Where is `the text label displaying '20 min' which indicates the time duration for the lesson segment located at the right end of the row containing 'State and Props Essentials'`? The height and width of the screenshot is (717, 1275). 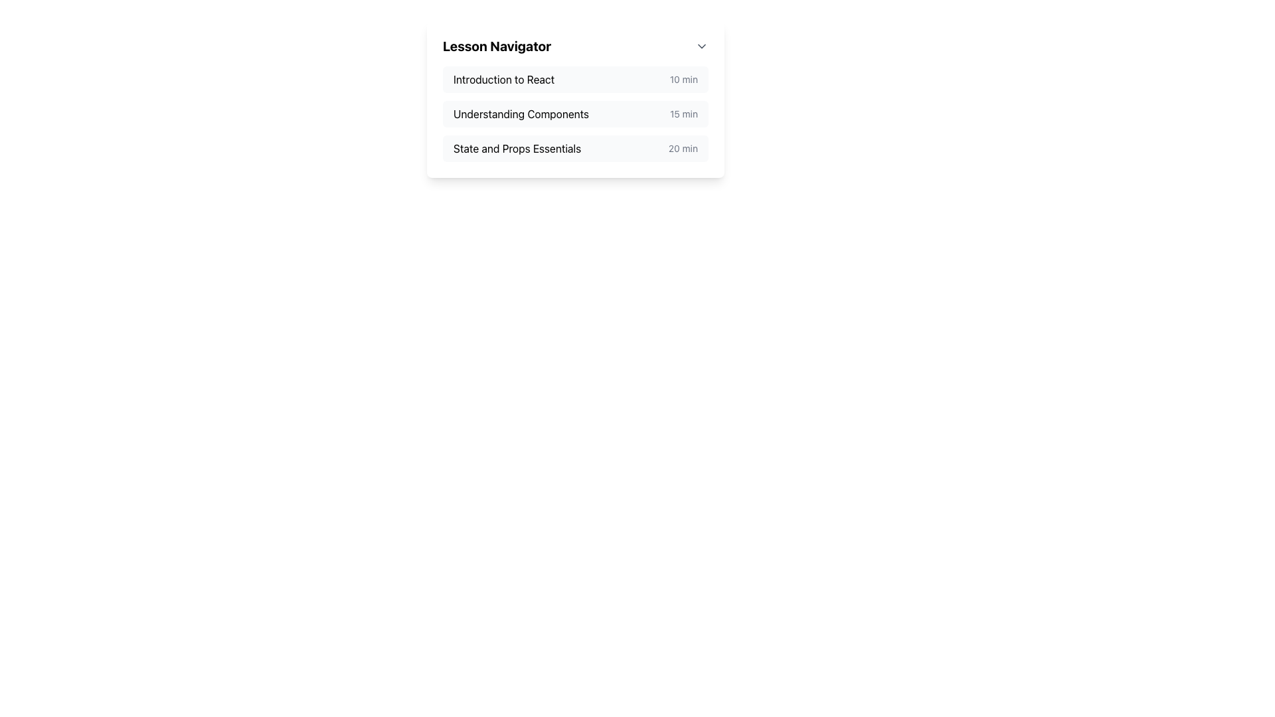 the text label displaying '20 min' which indicates the time duration for the lesson segment located at the right end of the row containing 'State and Props Essentials' is located at coordinates (683, 148).